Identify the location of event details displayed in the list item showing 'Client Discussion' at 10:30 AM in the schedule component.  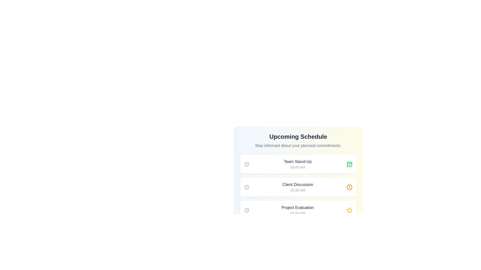
(298, 187).